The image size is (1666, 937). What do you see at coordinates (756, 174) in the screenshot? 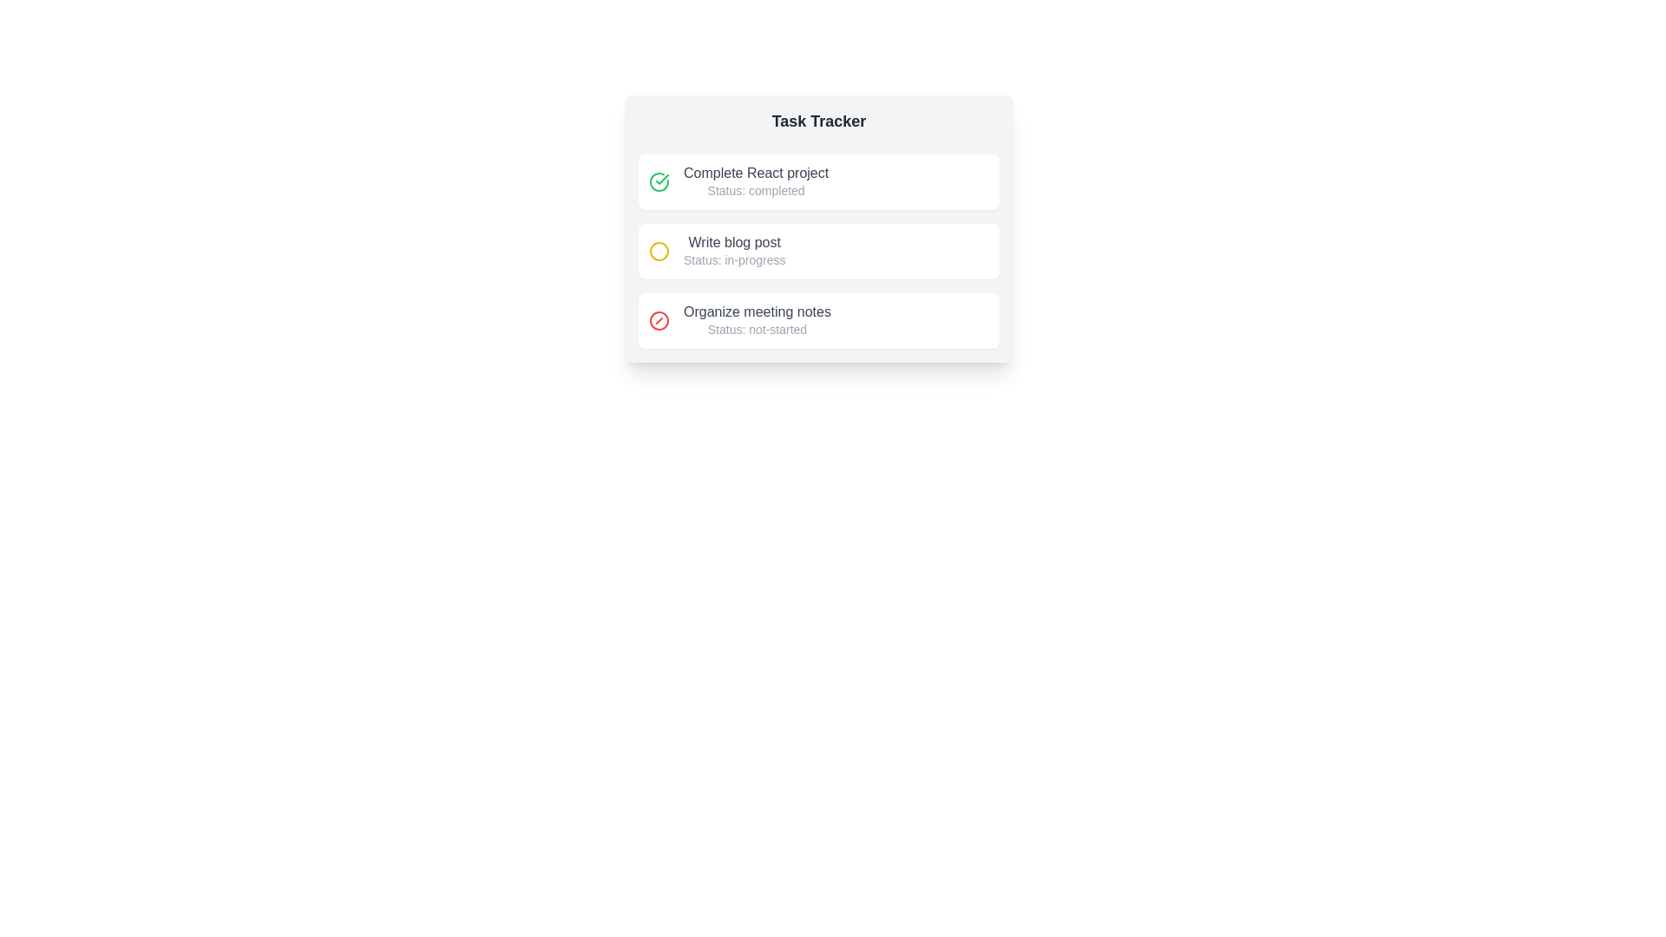
I see `the text label that reads 'Complete React project', which is styled in gray and part of a task list, located above the status description 'Status: completed'` at bounding box center [756, 174].